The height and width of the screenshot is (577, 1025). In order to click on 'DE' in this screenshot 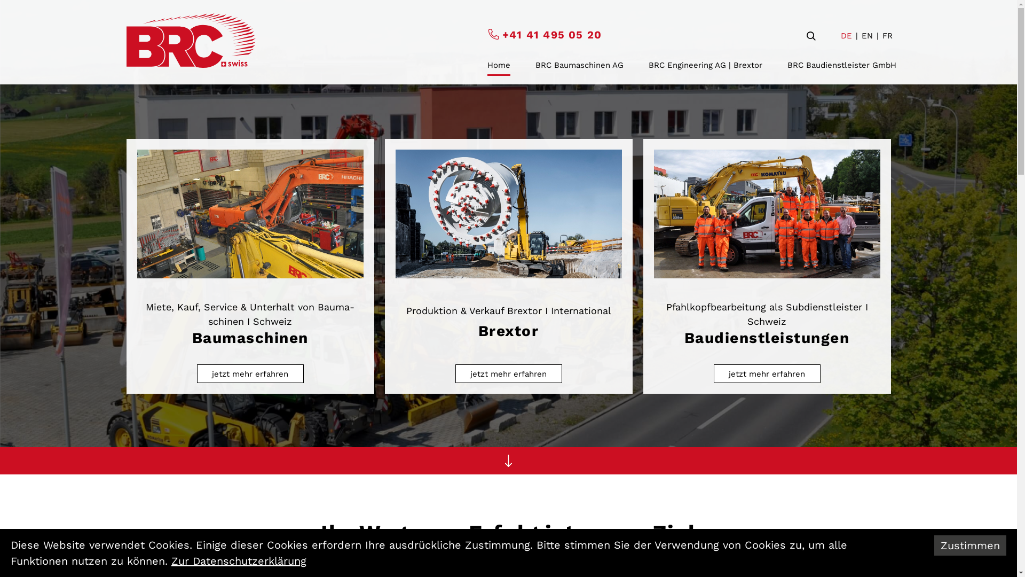, I will do `click(840, 35)`.